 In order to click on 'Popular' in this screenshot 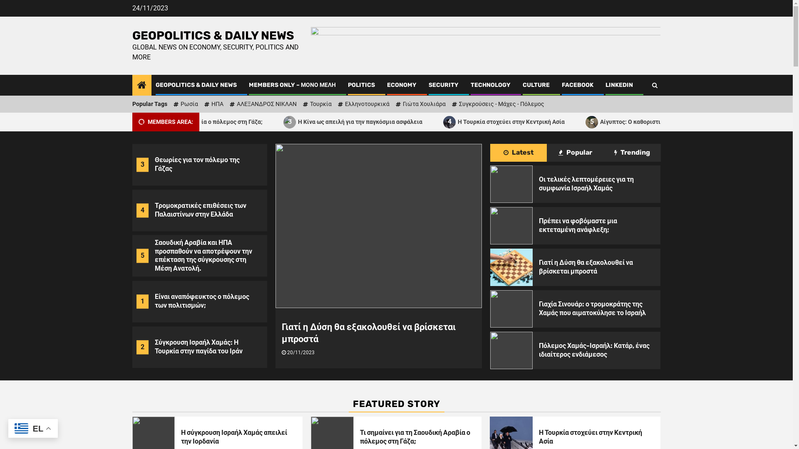, I will do `click(575, 153)`.